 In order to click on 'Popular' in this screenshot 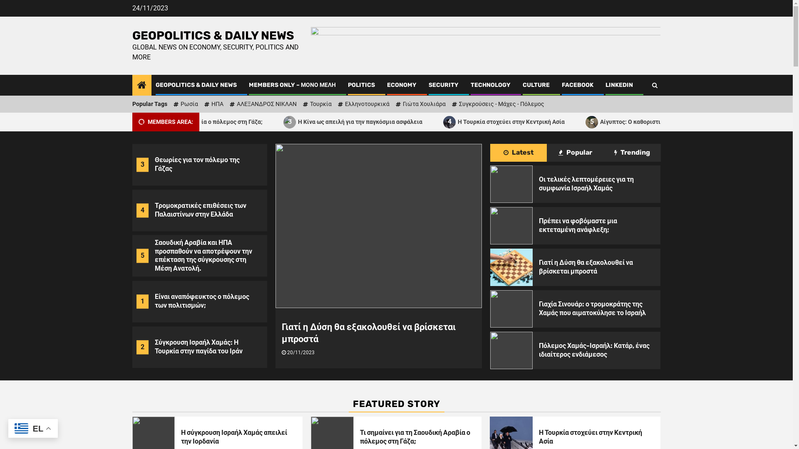, I will do `click(575, 153)`.